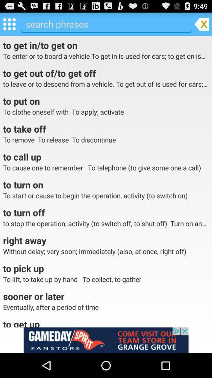  I want to click on close, so click(201, 23).